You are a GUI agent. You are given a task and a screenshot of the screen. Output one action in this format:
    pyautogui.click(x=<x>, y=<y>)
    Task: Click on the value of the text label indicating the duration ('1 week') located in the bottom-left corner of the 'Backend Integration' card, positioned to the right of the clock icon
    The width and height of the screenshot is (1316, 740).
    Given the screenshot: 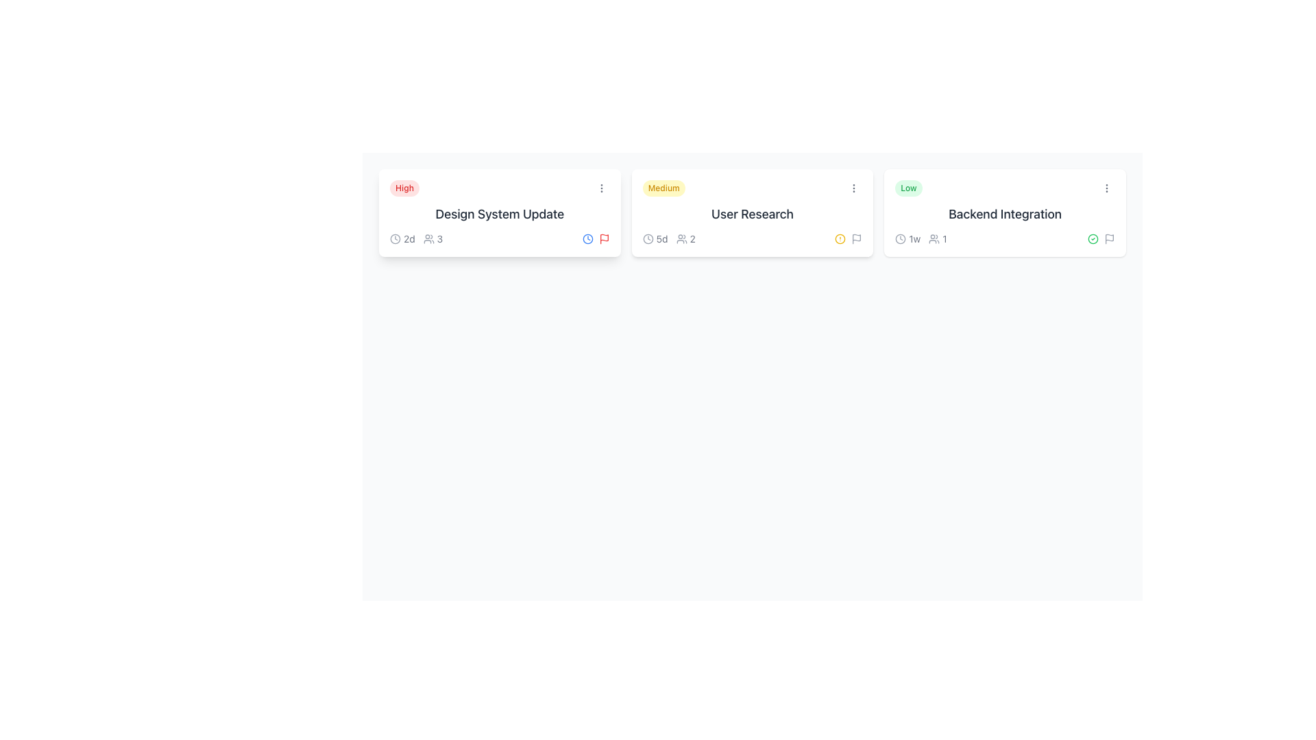 What is the action you would take?
    pyautogui.click(x=914, y=238)
    